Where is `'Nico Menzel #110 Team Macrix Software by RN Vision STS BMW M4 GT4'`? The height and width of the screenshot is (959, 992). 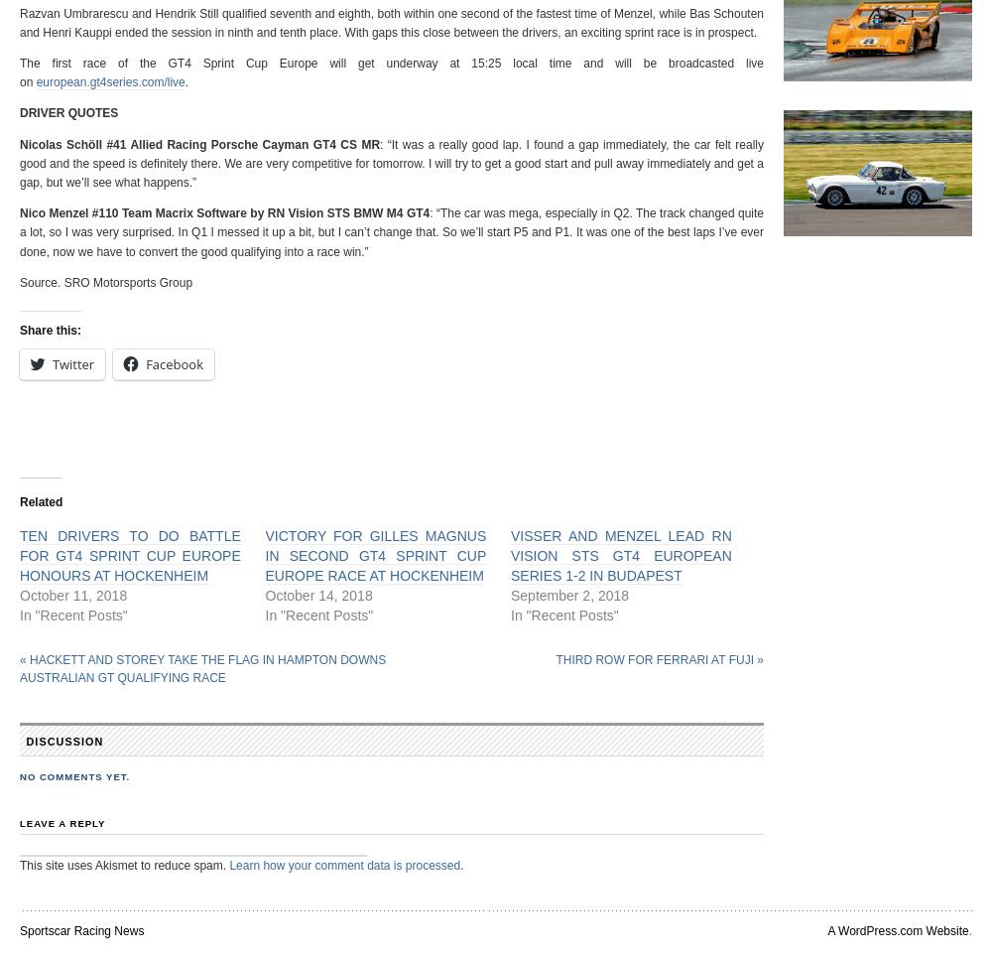
'Nico Menzel #110 Team Macrix Software by RN Vision STS BMW M4 GT4' is located at coordinates (223, 212).